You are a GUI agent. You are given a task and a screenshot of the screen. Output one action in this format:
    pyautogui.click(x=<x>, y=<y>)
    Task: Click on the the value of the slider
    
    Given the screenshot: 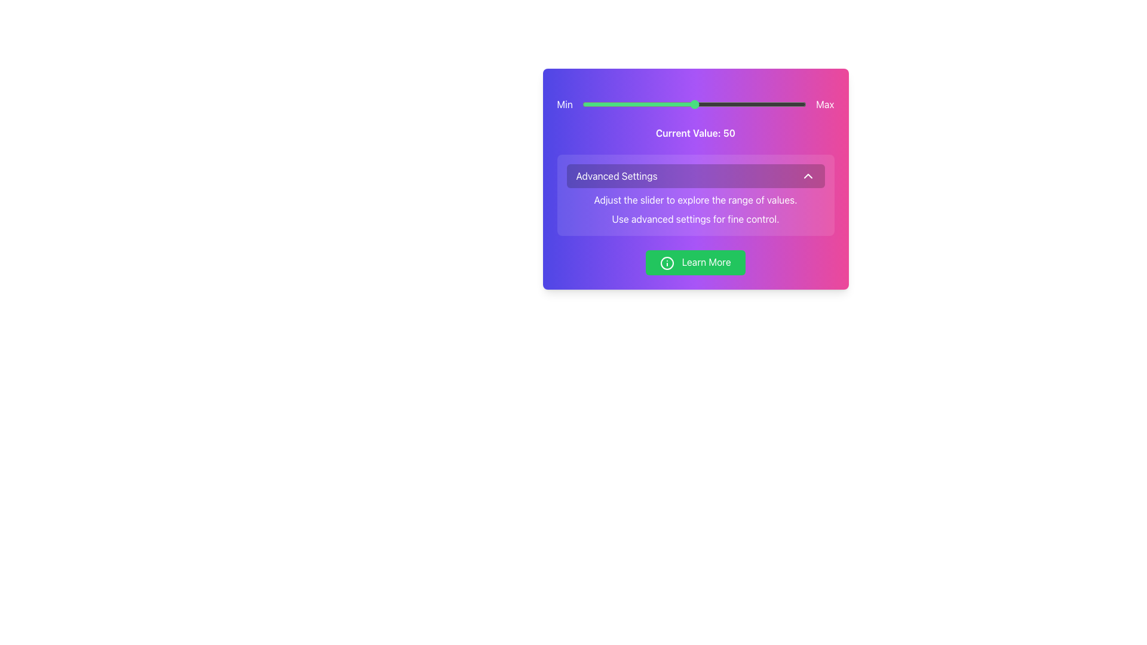 What is the action you would take?
    pyautogui.click(x=780, y=103)
    